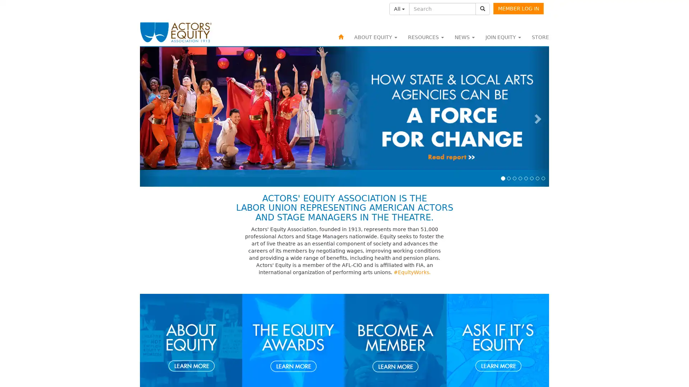  Describe the element at coordinates (503, 37) in the screenshot. I see `JOIN EQUITY` at that location.